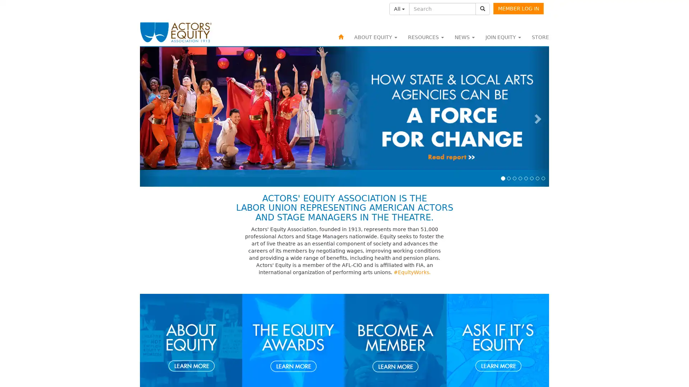  Describe the element at coordinates (503, 37) in the screenshot. I see `JOIN EQUITY` at that location.